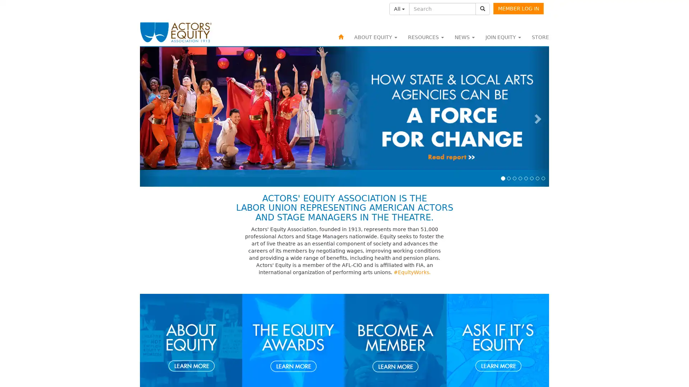  Describe the element at coordinates (503, 37) in the screenshot. I see `JOIN EQUITY` at that location.